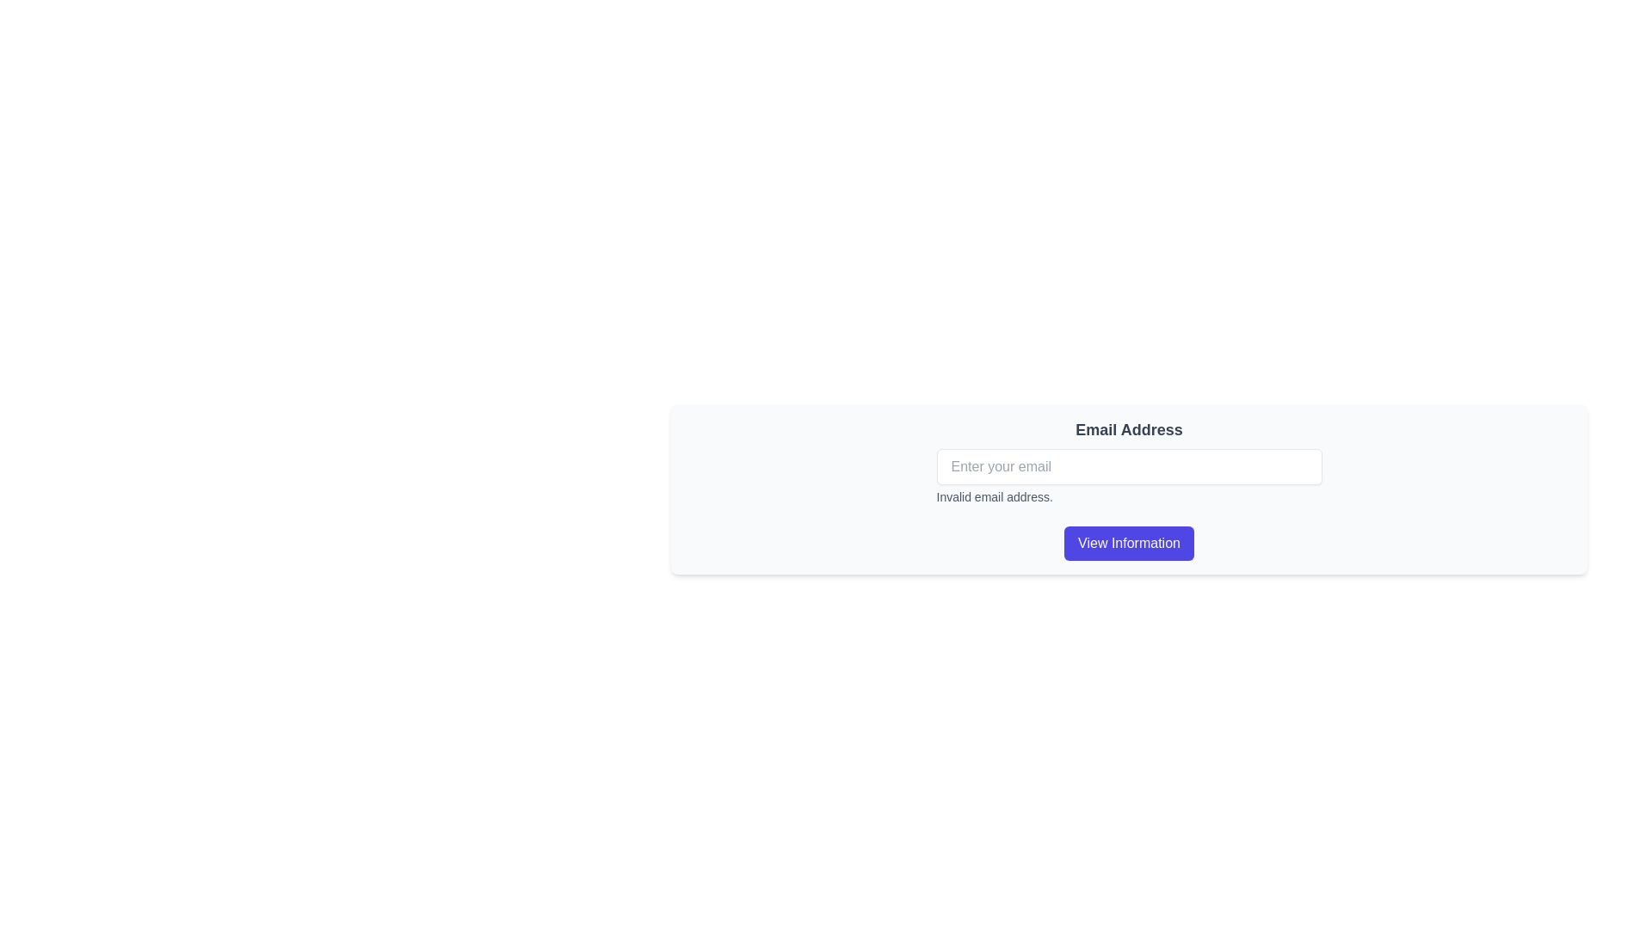  What do you see at coordinates (995, 497) in the screenshot?
I see `the error message text label indicating that the entered email address is invalid, which is located directly beneath the 'Enter your email' input field` at bounding box center [995, 497].